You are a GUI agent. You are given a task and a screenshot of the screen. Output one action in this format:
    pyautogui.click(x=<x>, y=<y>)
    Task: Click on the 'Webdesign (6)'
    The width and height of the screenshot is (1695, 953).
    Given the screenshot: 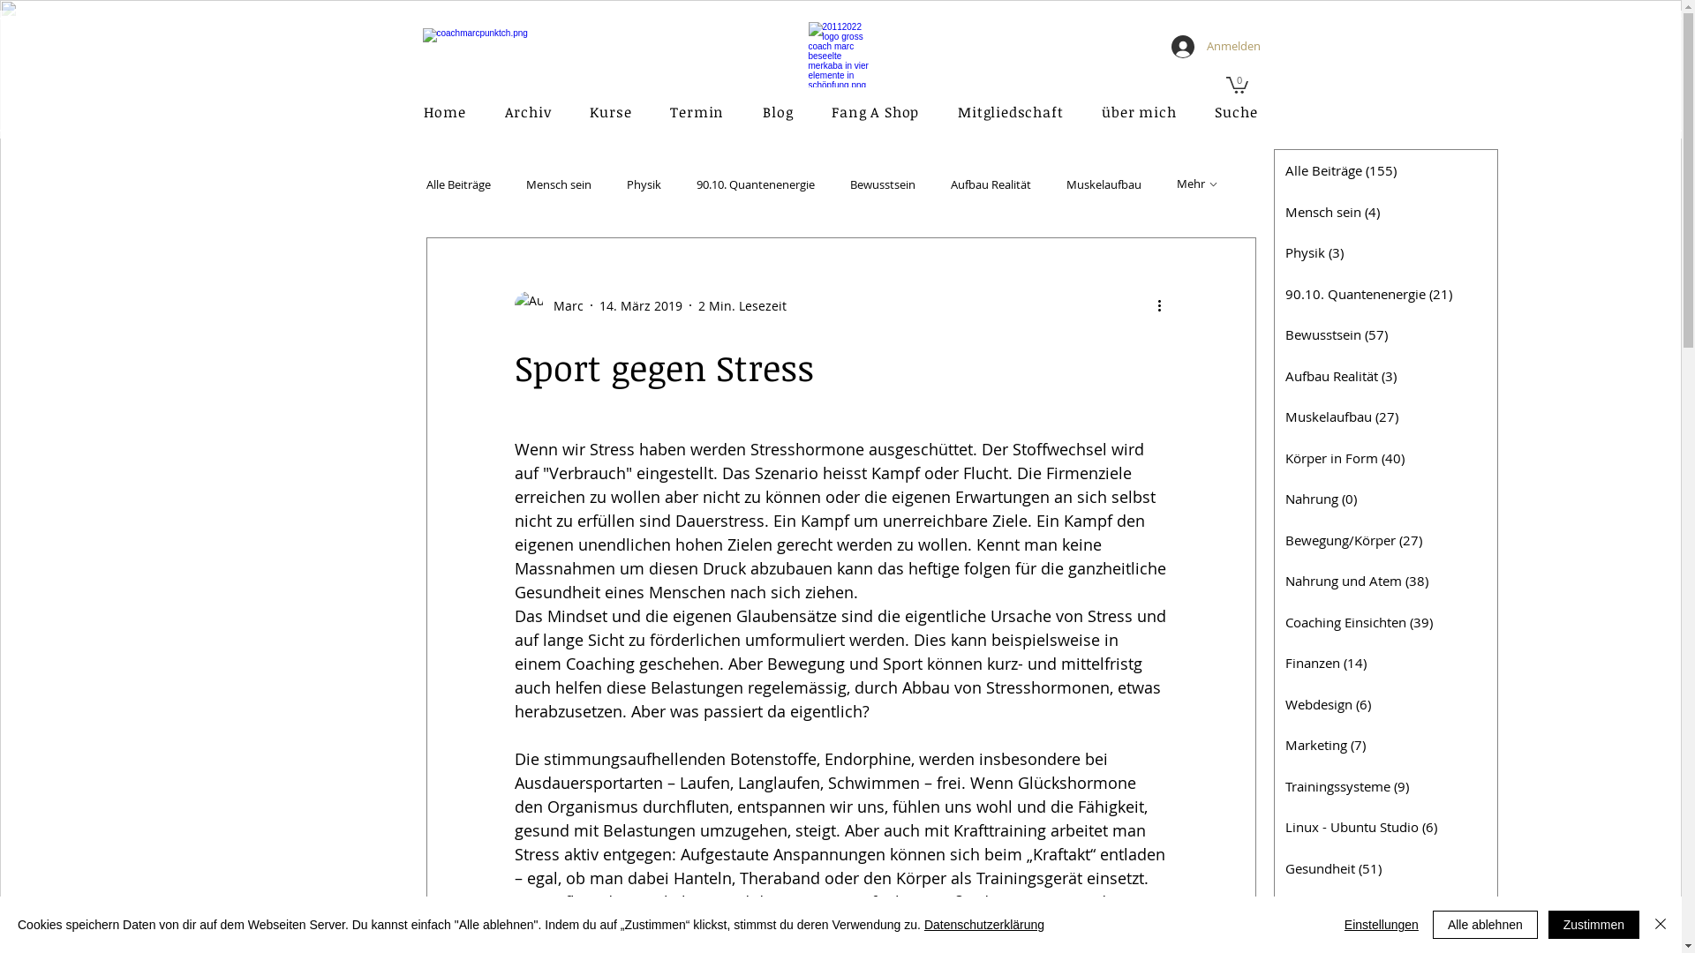 What is the action you would take?
    pyautogui.click(x=1384, y=702)
    